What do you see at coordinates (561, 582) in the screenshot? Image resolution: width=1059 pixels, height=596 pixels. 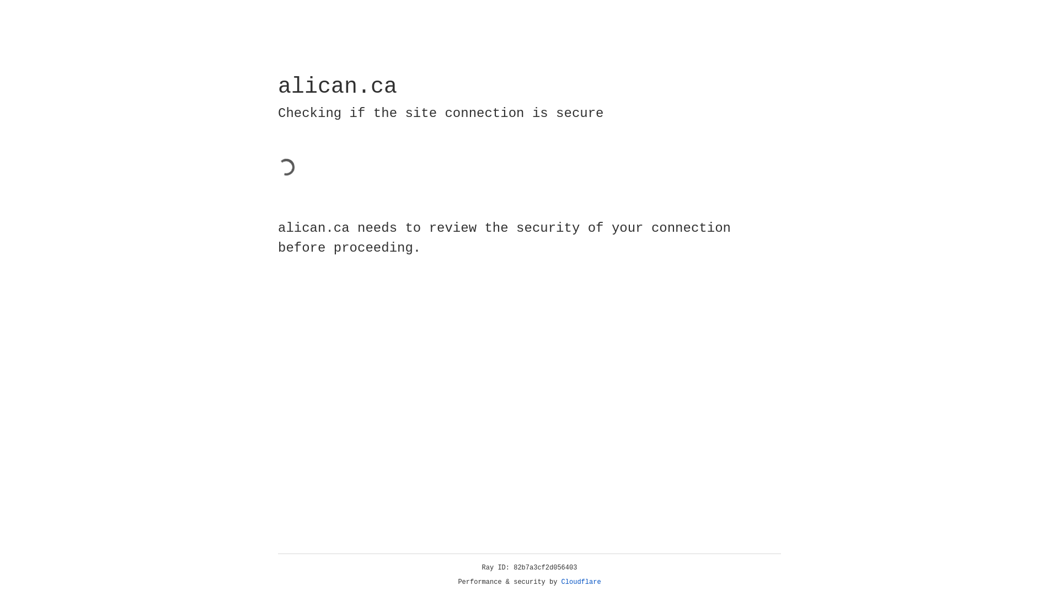 I see `'Cloudflare'` at bounding box center [561, 582].